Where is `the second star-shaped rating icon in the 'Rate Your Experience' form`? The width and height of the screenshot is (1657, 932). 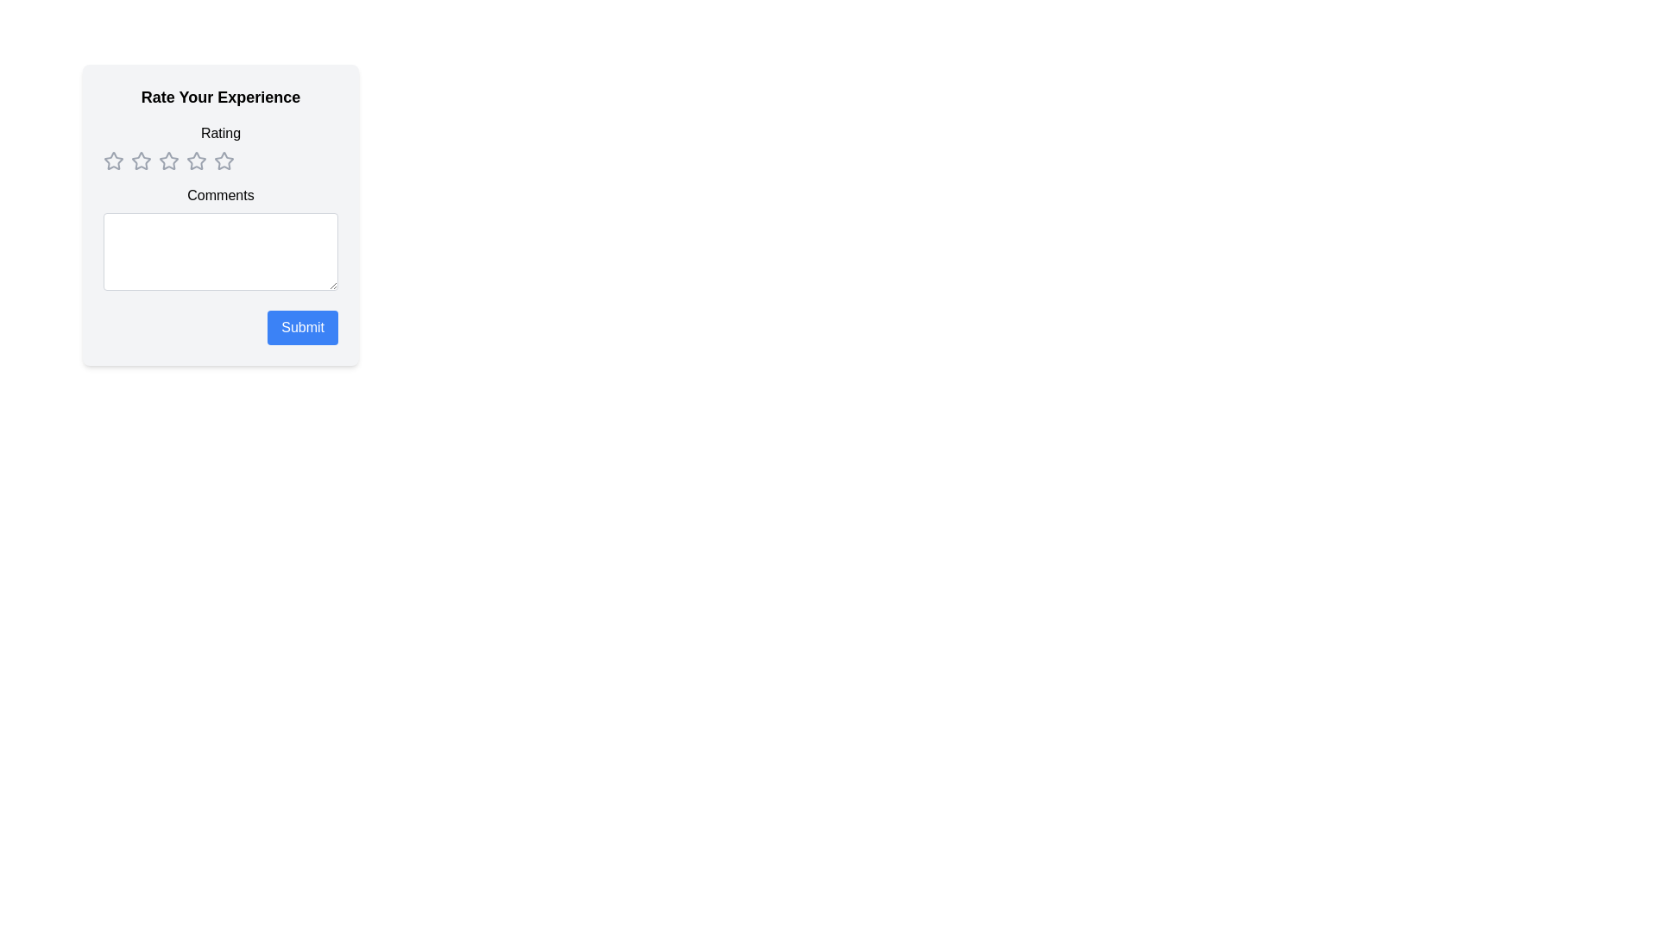 the second star-shaped rating icon in the 'Rate Your Experience' form is located at coordinates (141, 161).